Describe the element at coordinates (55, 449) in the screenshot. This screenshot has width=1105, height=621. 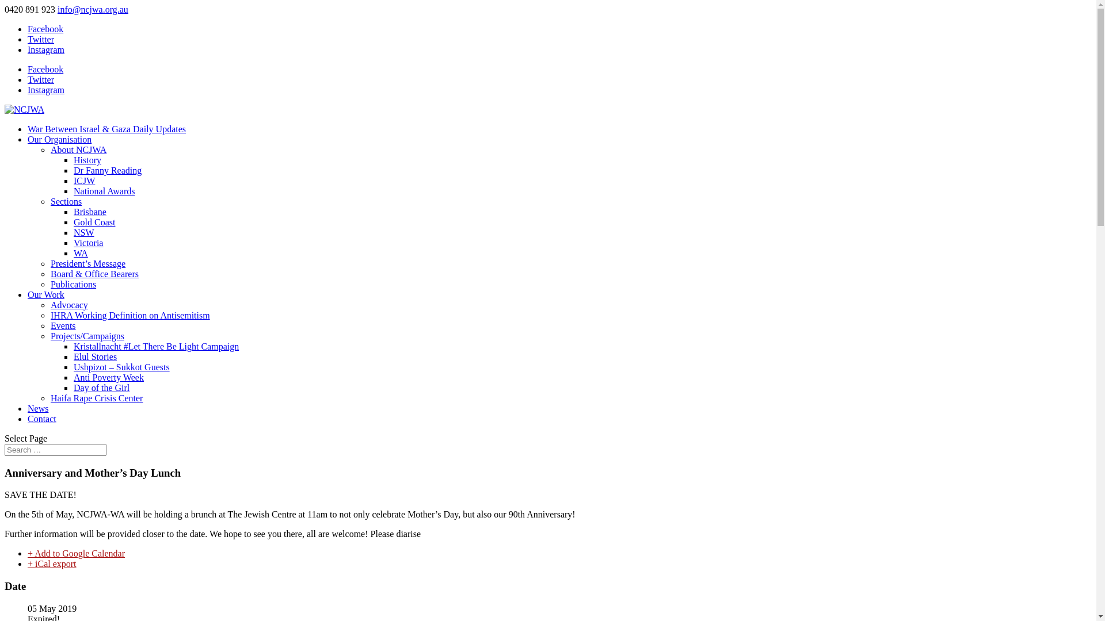
I see `'Search for:'` at that location.